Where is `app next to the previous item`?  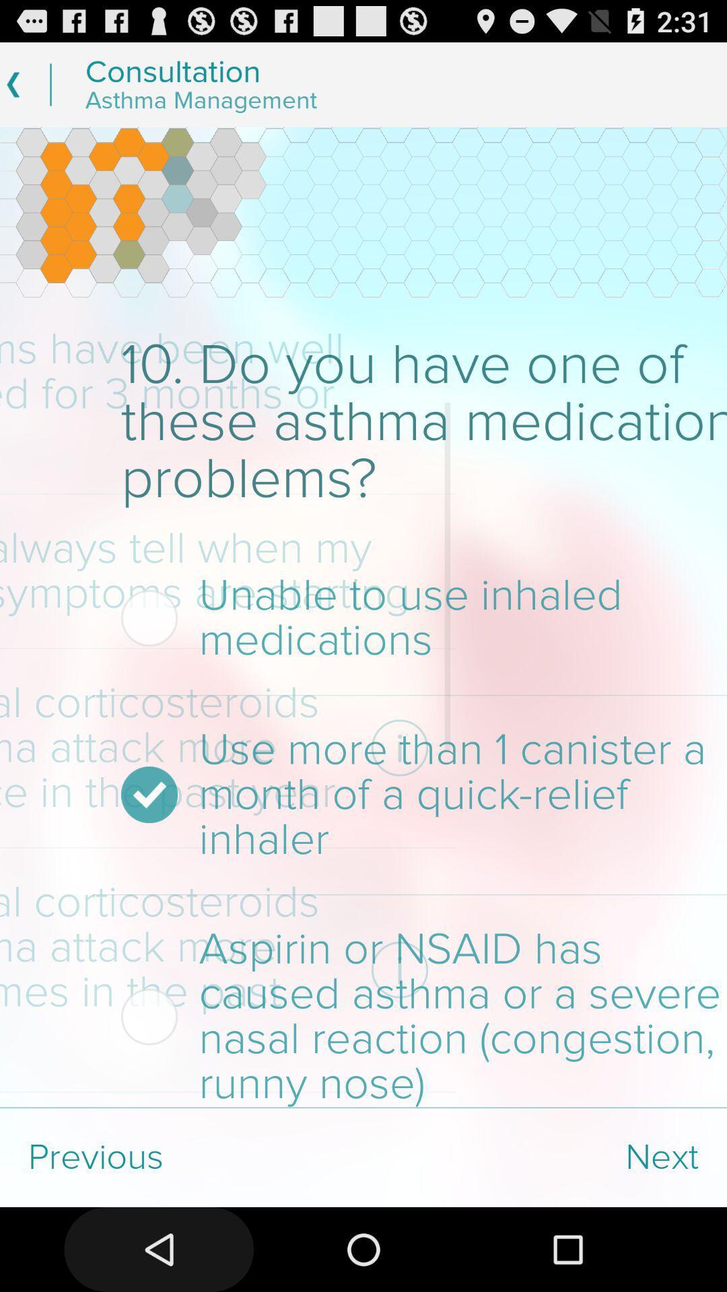 app next to the previous item is located at coordinates (545, 1157).